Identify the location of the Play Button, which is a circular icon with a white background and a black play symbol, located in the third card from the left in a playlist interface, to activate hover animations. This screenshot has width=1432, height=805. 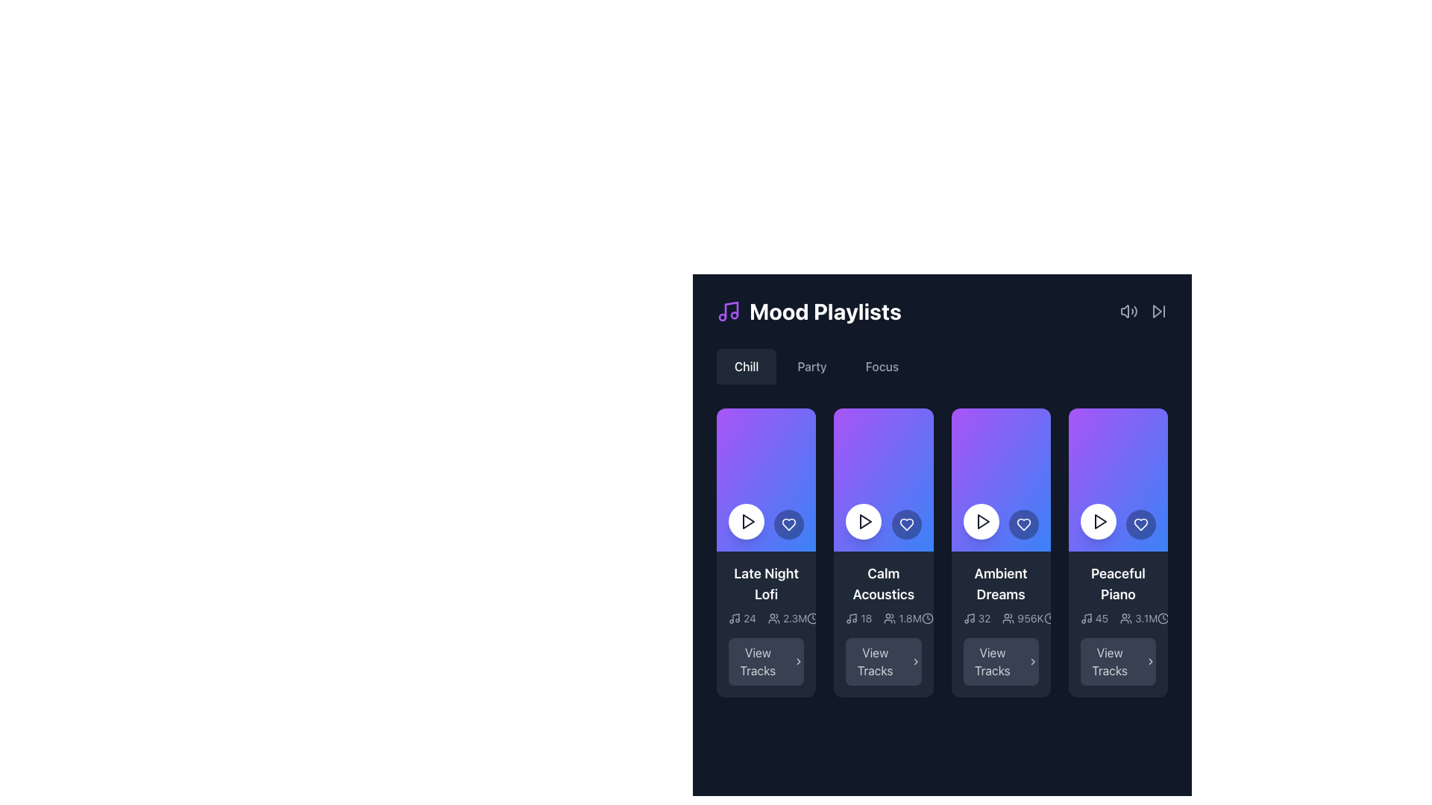
(981, 520).